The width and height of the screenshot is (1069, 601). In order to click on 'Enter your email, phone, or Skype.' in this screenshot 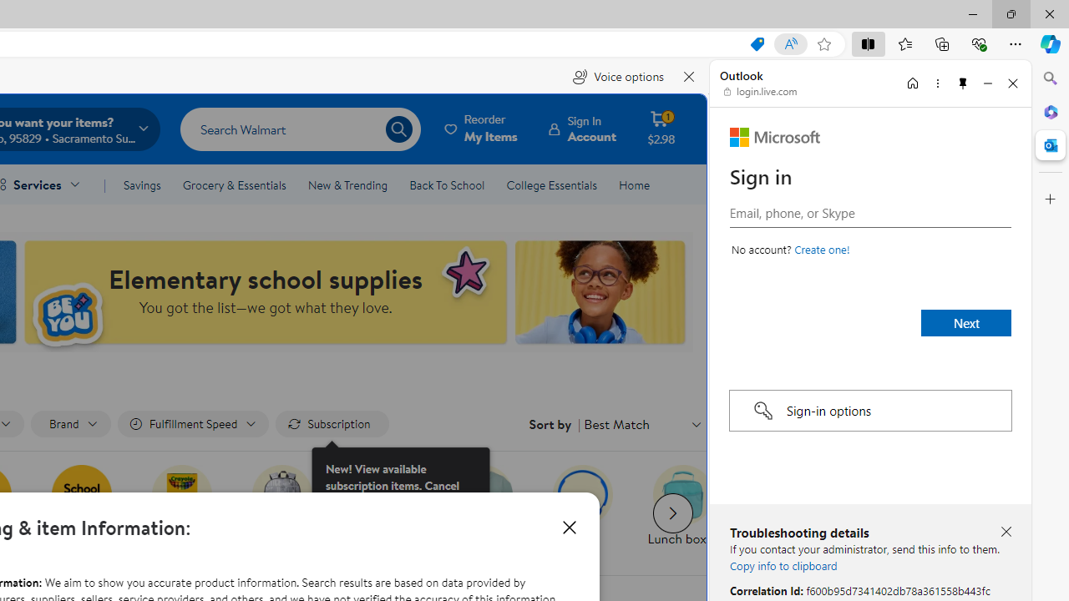, I will do `click(869, 211)`.